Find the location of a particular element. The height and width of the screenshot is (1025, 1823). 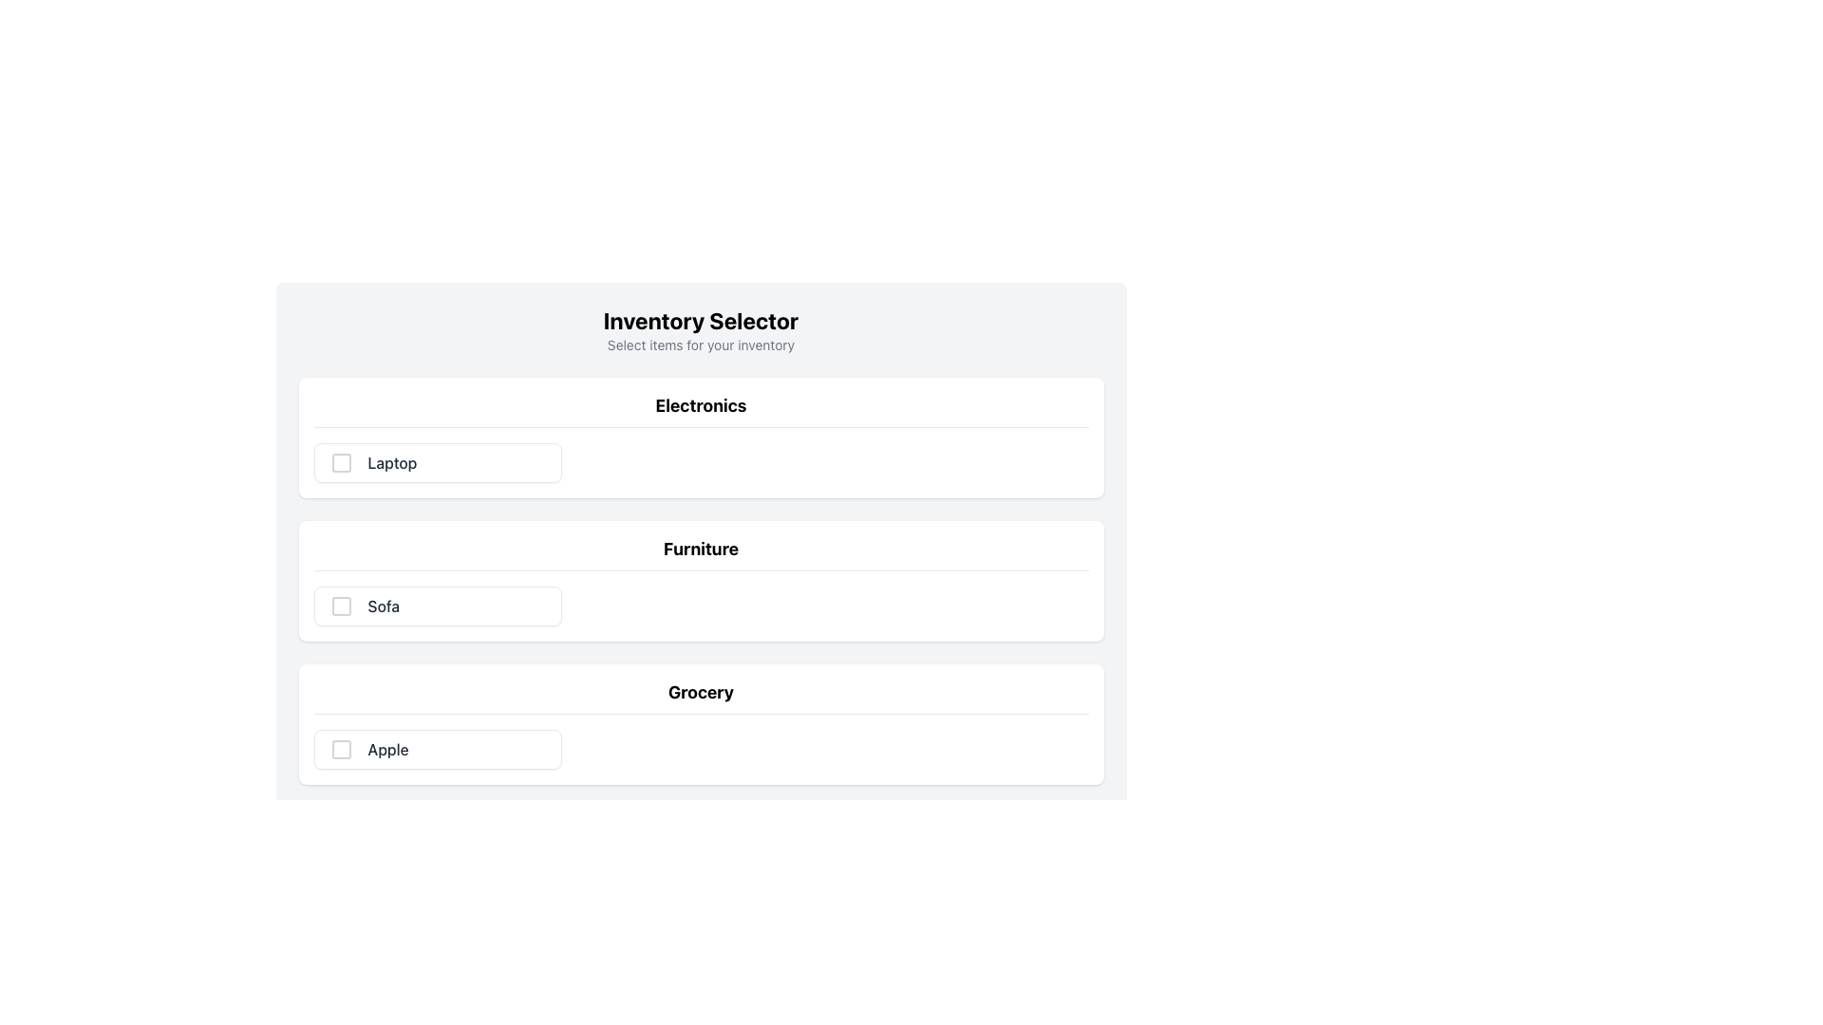

selectable item labeled 'Apple' located in the Grocery section of the page, positioned to the right of a square checkbox icon is located at coordinates (386, 749).